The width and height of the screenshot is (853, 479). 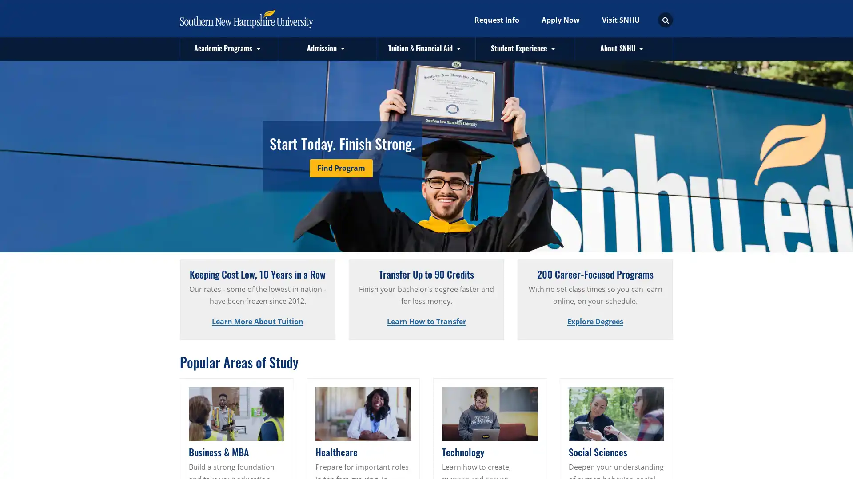 I want to click on Learn How to Transfer, so click(x=426, y=322).